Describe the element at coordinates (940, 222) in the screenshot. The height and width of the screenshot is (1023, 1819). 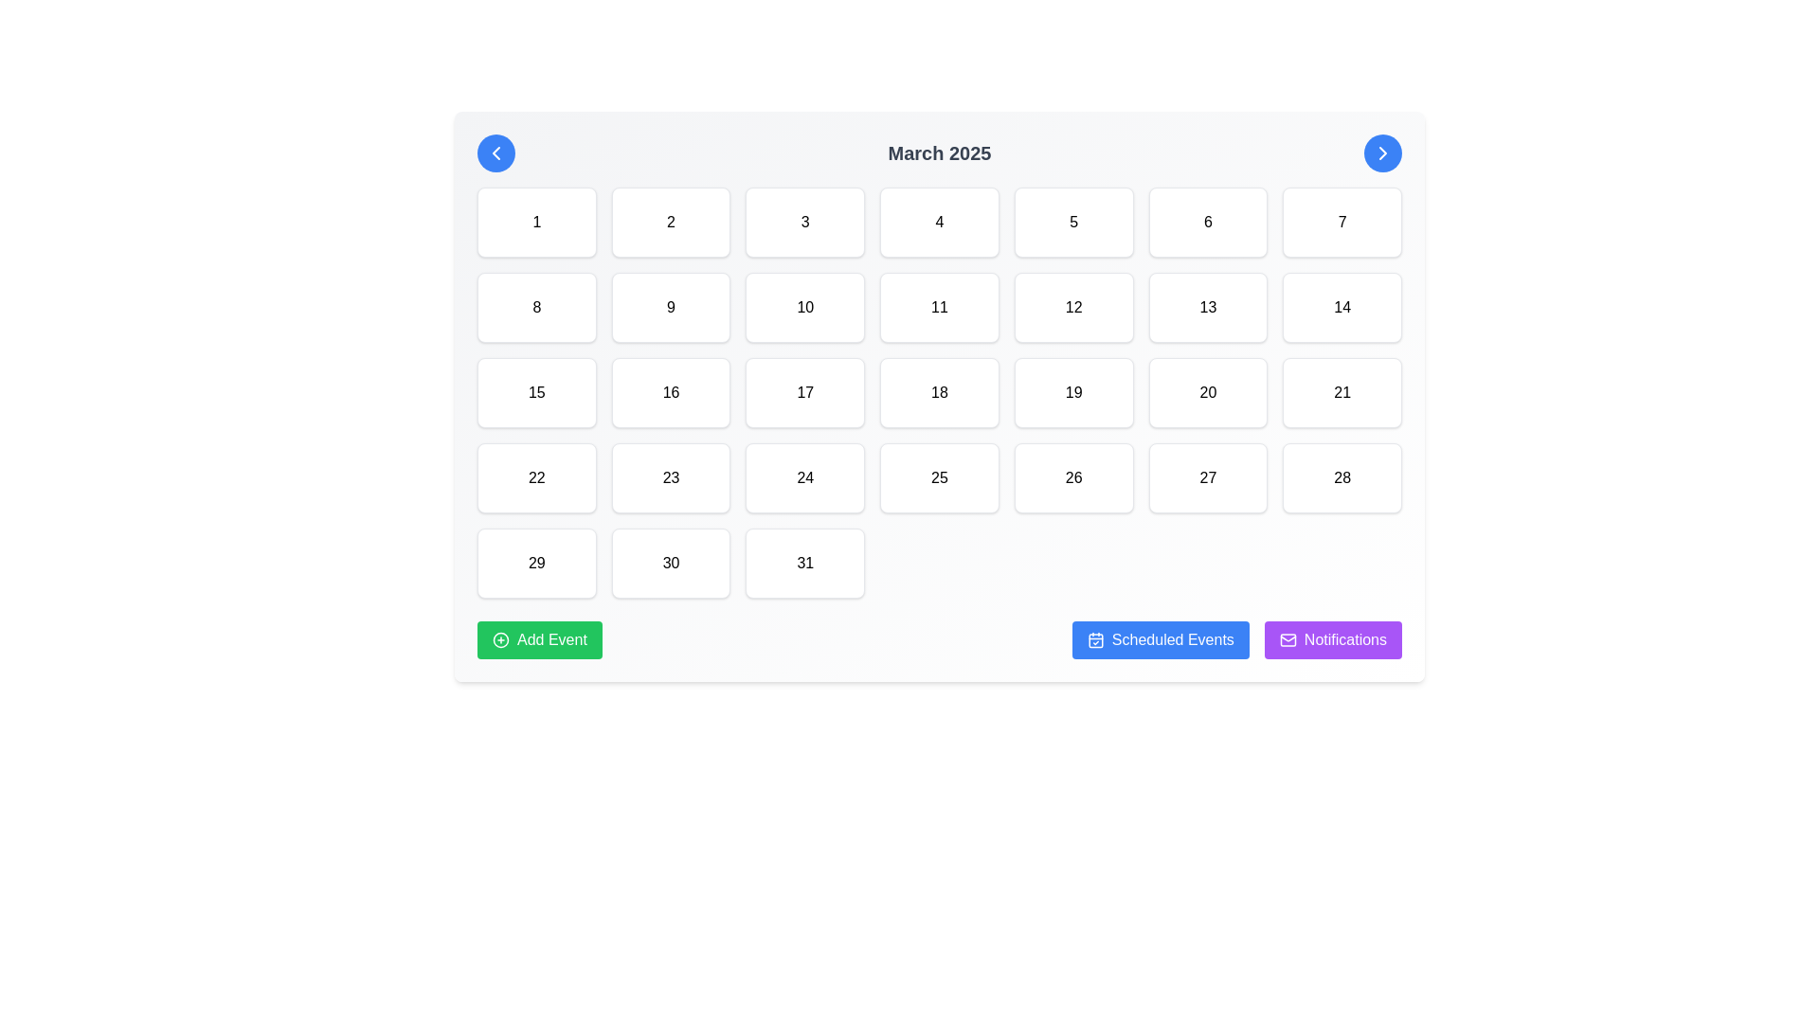
I see `the calendar day button located in the fourth column of the top row in a 7-column grid layout` at that location.